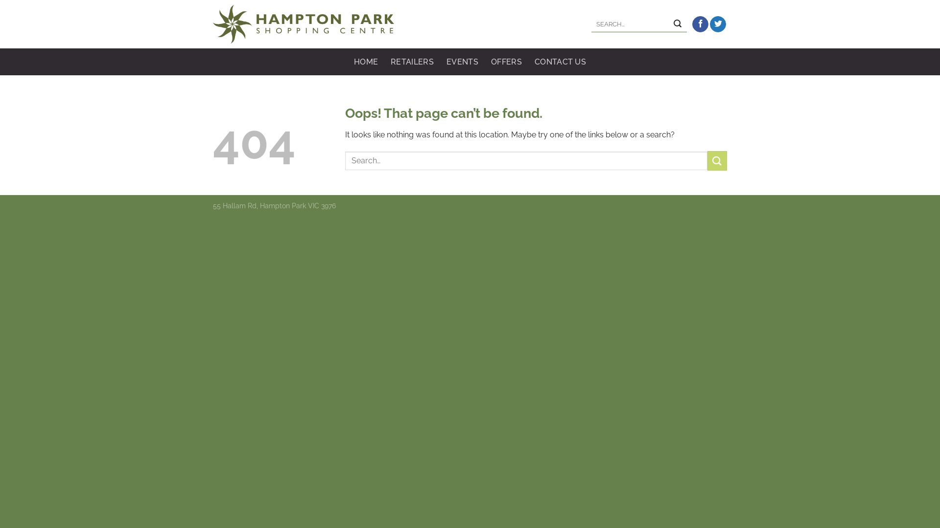 The width and height of the screenshot is (940, 528). I want to click on 'Skip to content', so click(0, 0).